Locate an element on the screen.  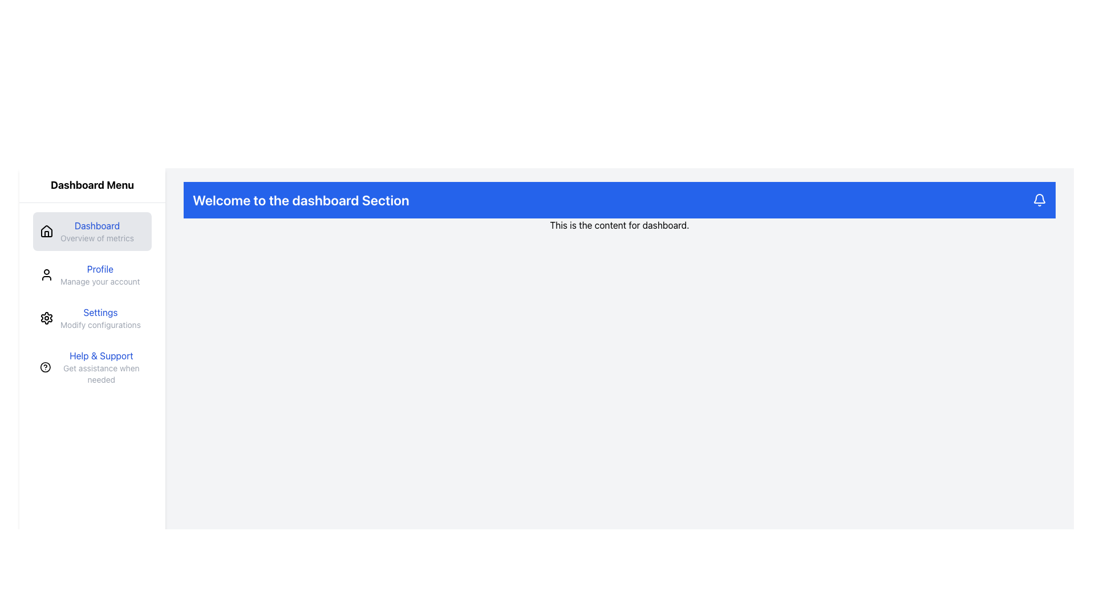
the navigational label for the dashboard section located at the top of the left-hand vertical menu, just below the house icon is located at coordinates (97, 231).